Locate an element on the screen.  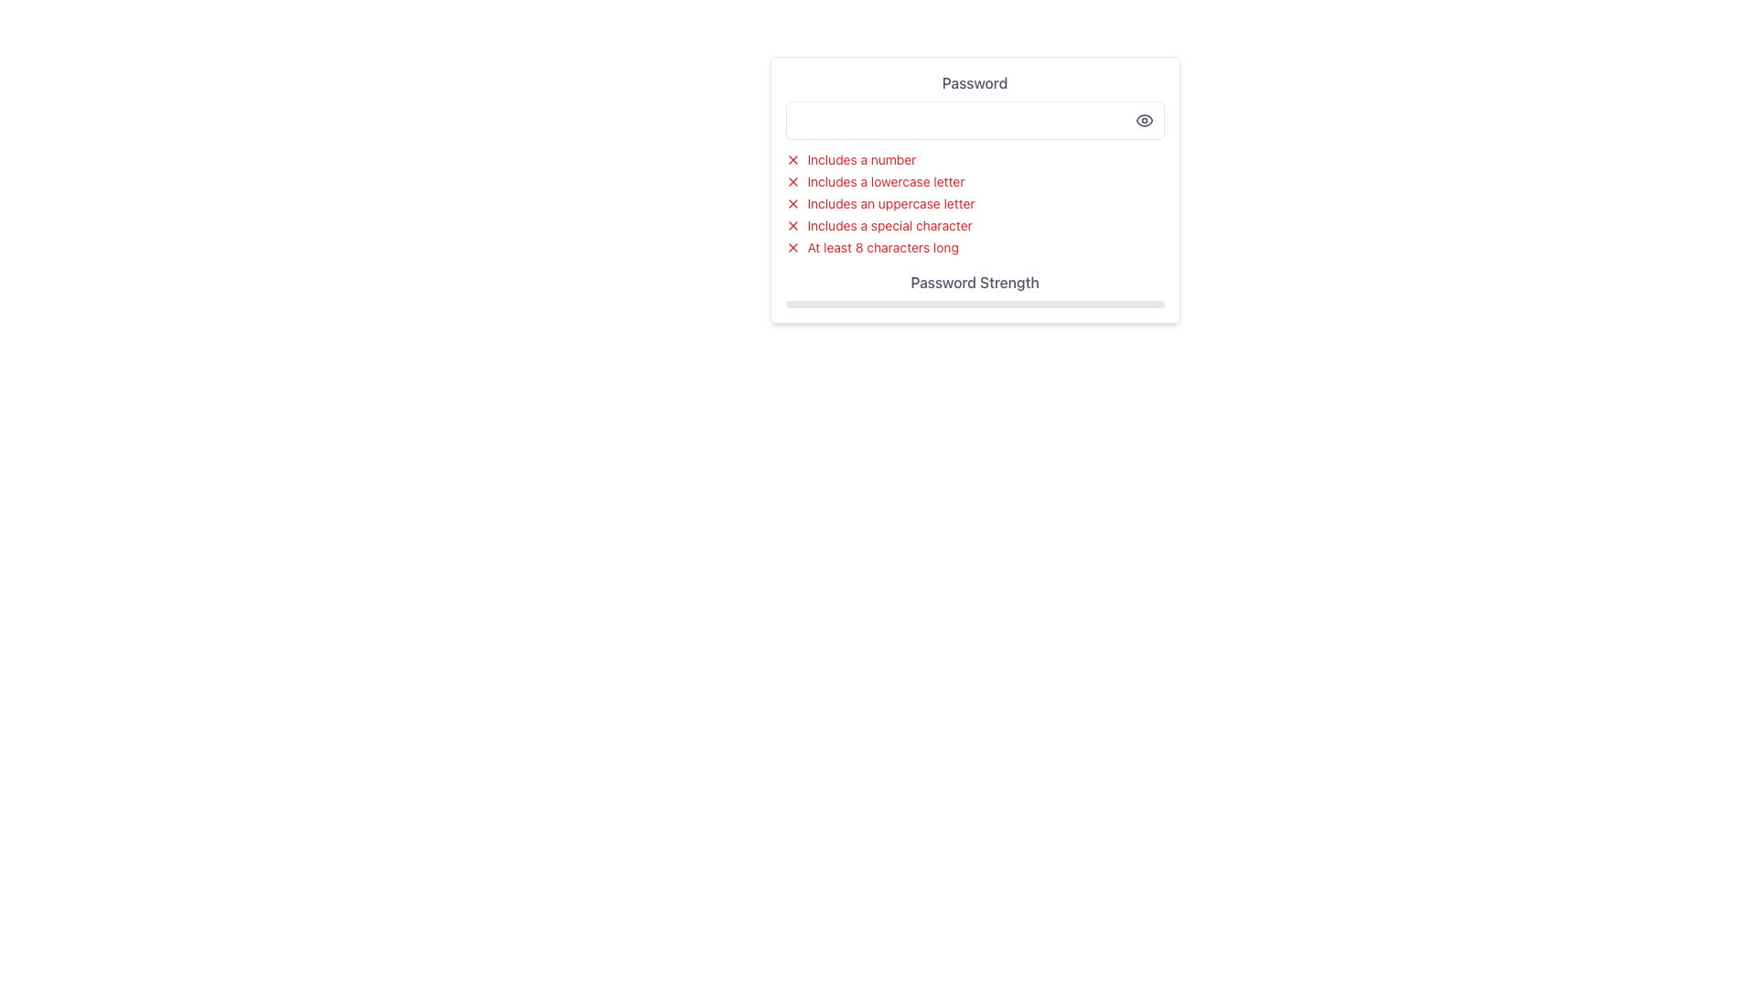
the Icon indicator that shows the unmet status for the password requirement 'Includes an uppercase letter' is located at coordinates (792, 204).